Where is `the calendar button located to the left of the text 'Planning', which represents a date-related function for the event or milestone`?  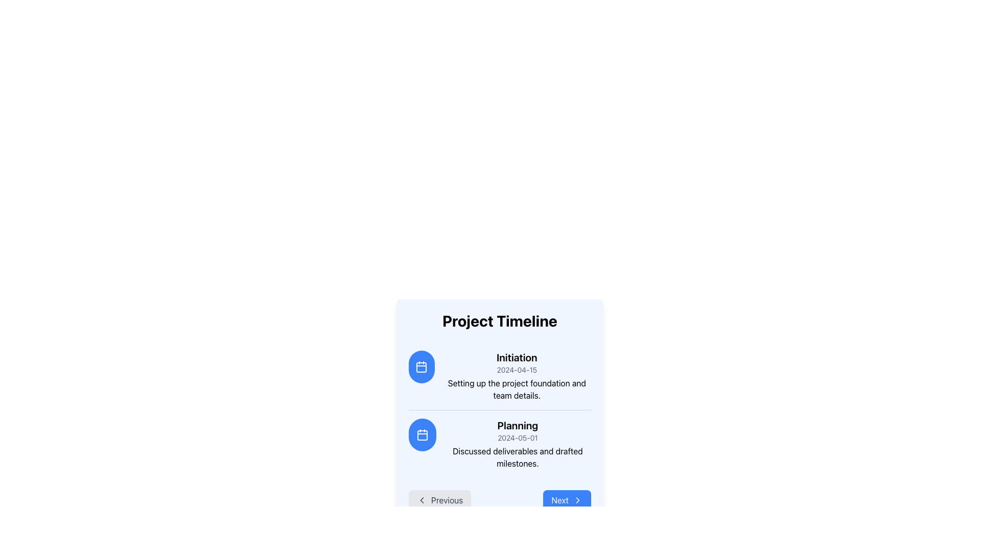
the calendar button located to the left of the text 'Planning', which represents a date-related function for the event or milestone is located at coordinates (422, 435).